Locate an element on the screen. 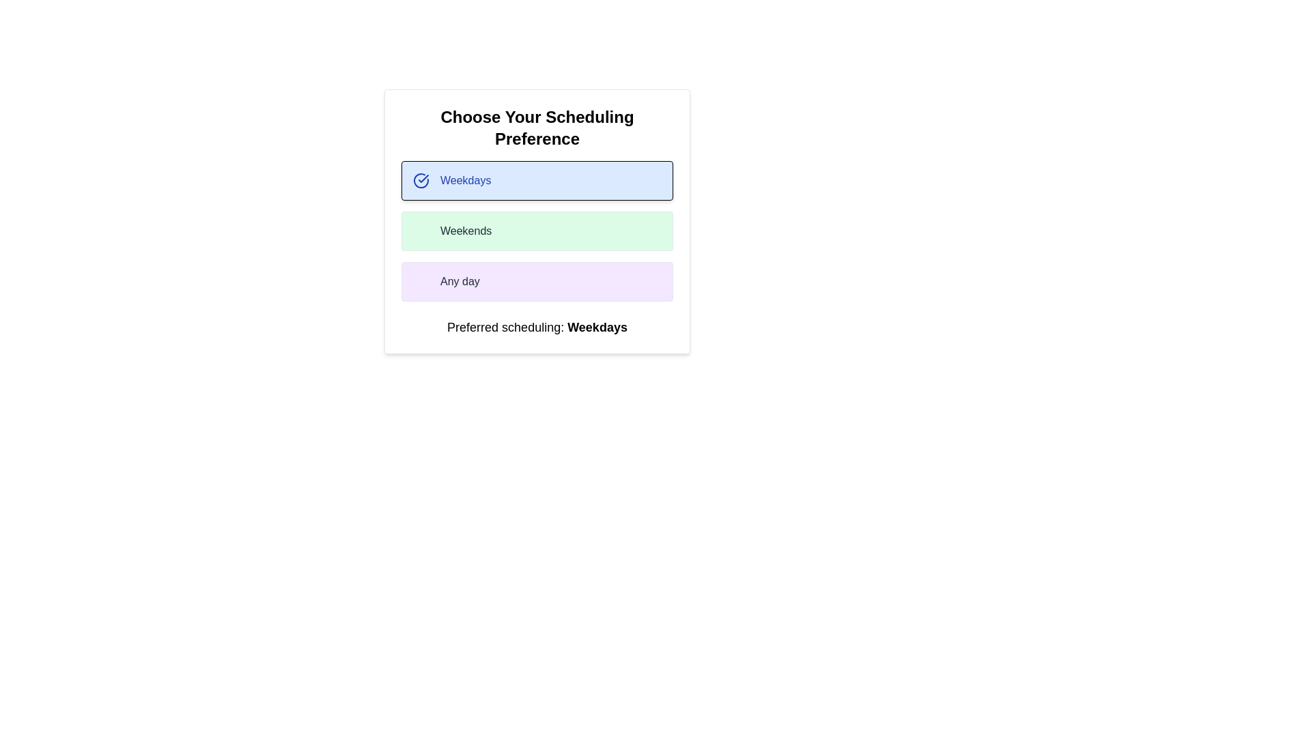  the bold text label displaying 'Weekdays', which is styled prominently in a larger font next to 'Preferred scheduling:' is located at coordinates (597, 327).